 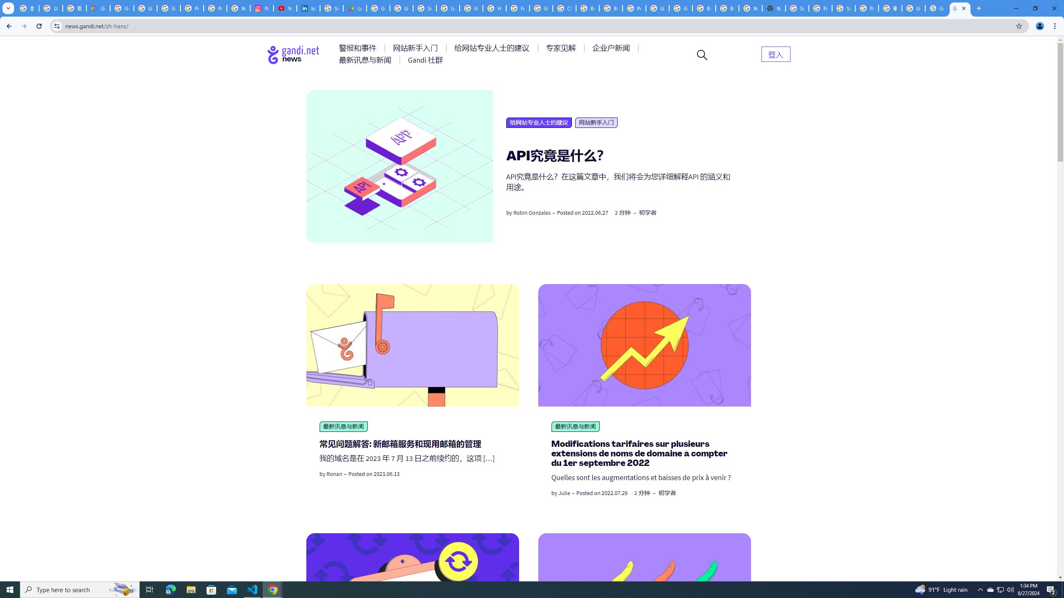 What do you see at coordinates (657, 8) in the screenshot?
I see `'Google Cloud Platform'` at bounding box center [657, 8].